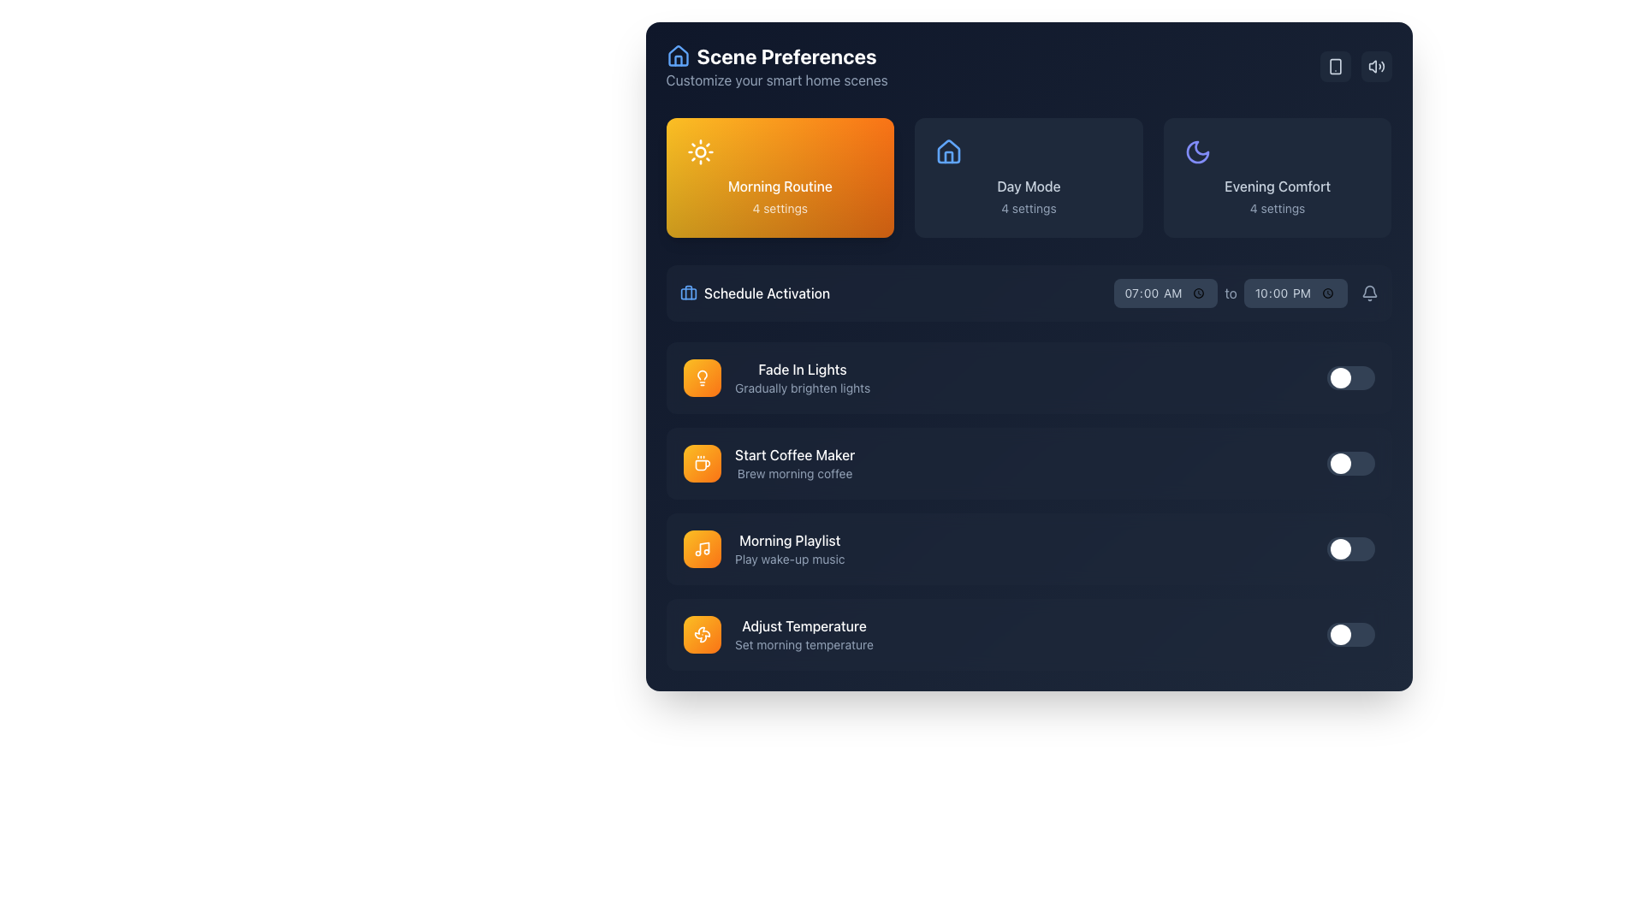 The image size is (1643, 924). I want to click on the header and subtitle Text block for the 'Scene Preferences' section, which provides context for customizing smart home scenes, so click(776, 65).